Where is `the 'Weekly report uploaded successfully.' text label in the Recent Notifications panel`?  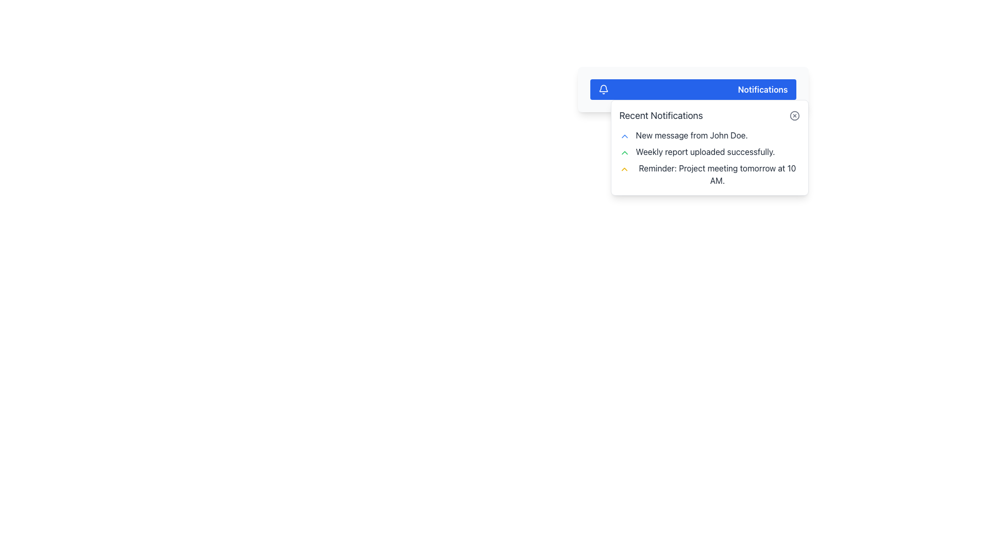
the 'Weekly report uploaded successfully.' text label in the Recent Notifications panel is located at coordinates (705, 151).